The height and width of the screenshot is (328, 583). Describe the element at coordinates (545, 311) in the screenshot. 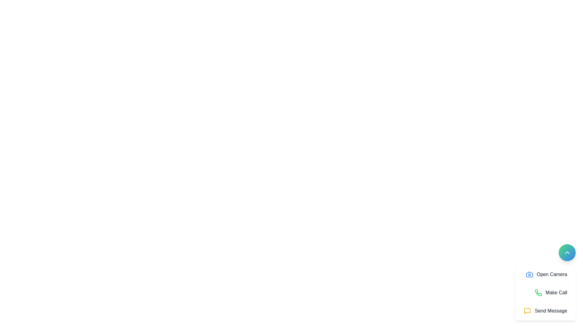

I see `the 'Send Message' button, which is the last button in a vertical list of options` at that location.